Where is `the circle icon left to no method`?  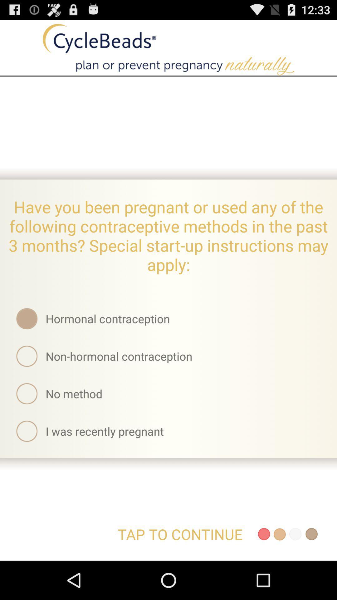 the circle icon left to no method is located at coordinates (27, 393).